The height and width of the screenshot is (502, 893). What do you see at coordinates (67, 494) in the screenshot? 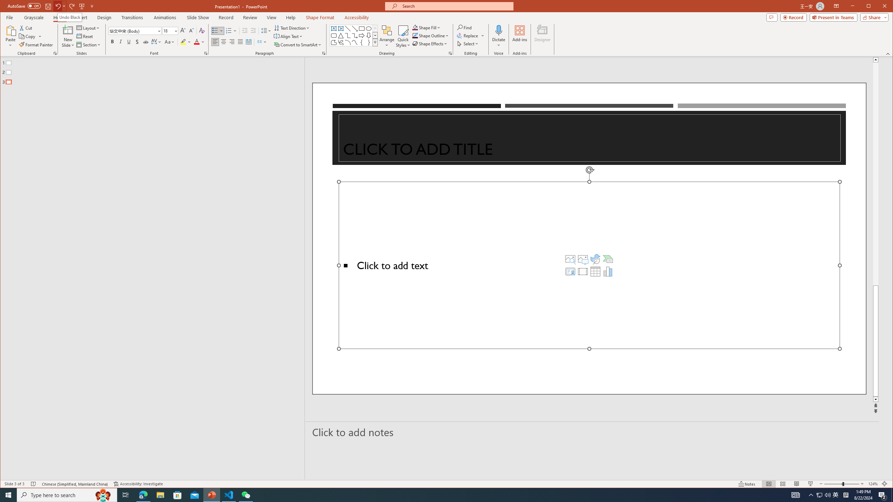
I see `'Type here to search'` at bounding box center [67, 494].